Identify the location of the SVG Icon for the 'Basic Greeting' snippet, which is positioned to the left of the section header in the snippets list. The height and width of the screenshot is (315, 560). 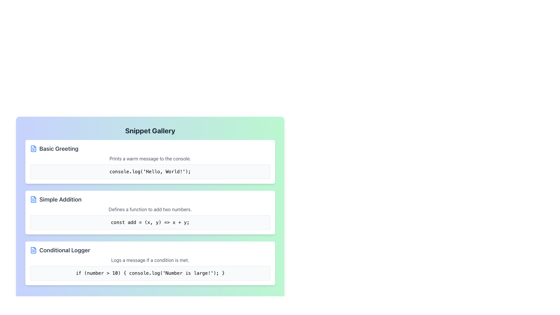
(33, 148).